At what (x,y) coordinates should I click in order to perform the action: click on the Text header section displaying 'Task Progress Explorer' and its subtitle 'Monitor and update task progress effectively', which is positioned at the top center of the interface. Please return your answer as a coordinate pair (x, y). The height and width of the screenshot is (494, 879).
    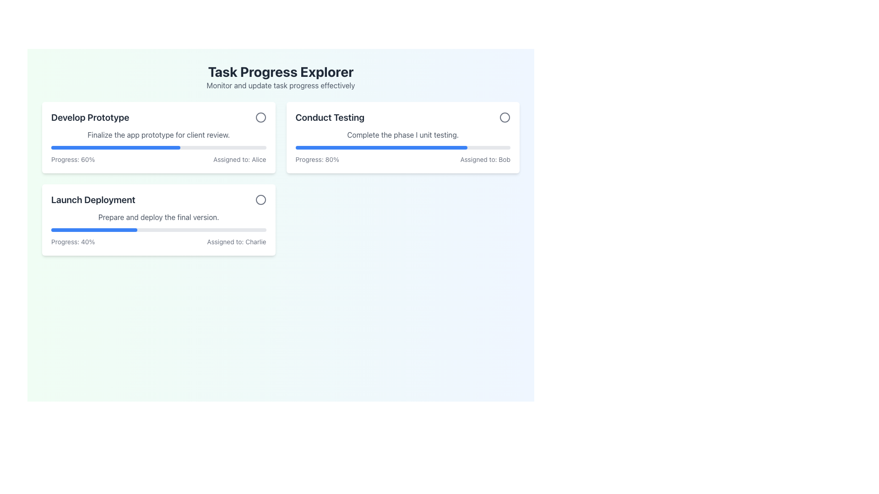
    Looking at the image, I should click on (280, 77).